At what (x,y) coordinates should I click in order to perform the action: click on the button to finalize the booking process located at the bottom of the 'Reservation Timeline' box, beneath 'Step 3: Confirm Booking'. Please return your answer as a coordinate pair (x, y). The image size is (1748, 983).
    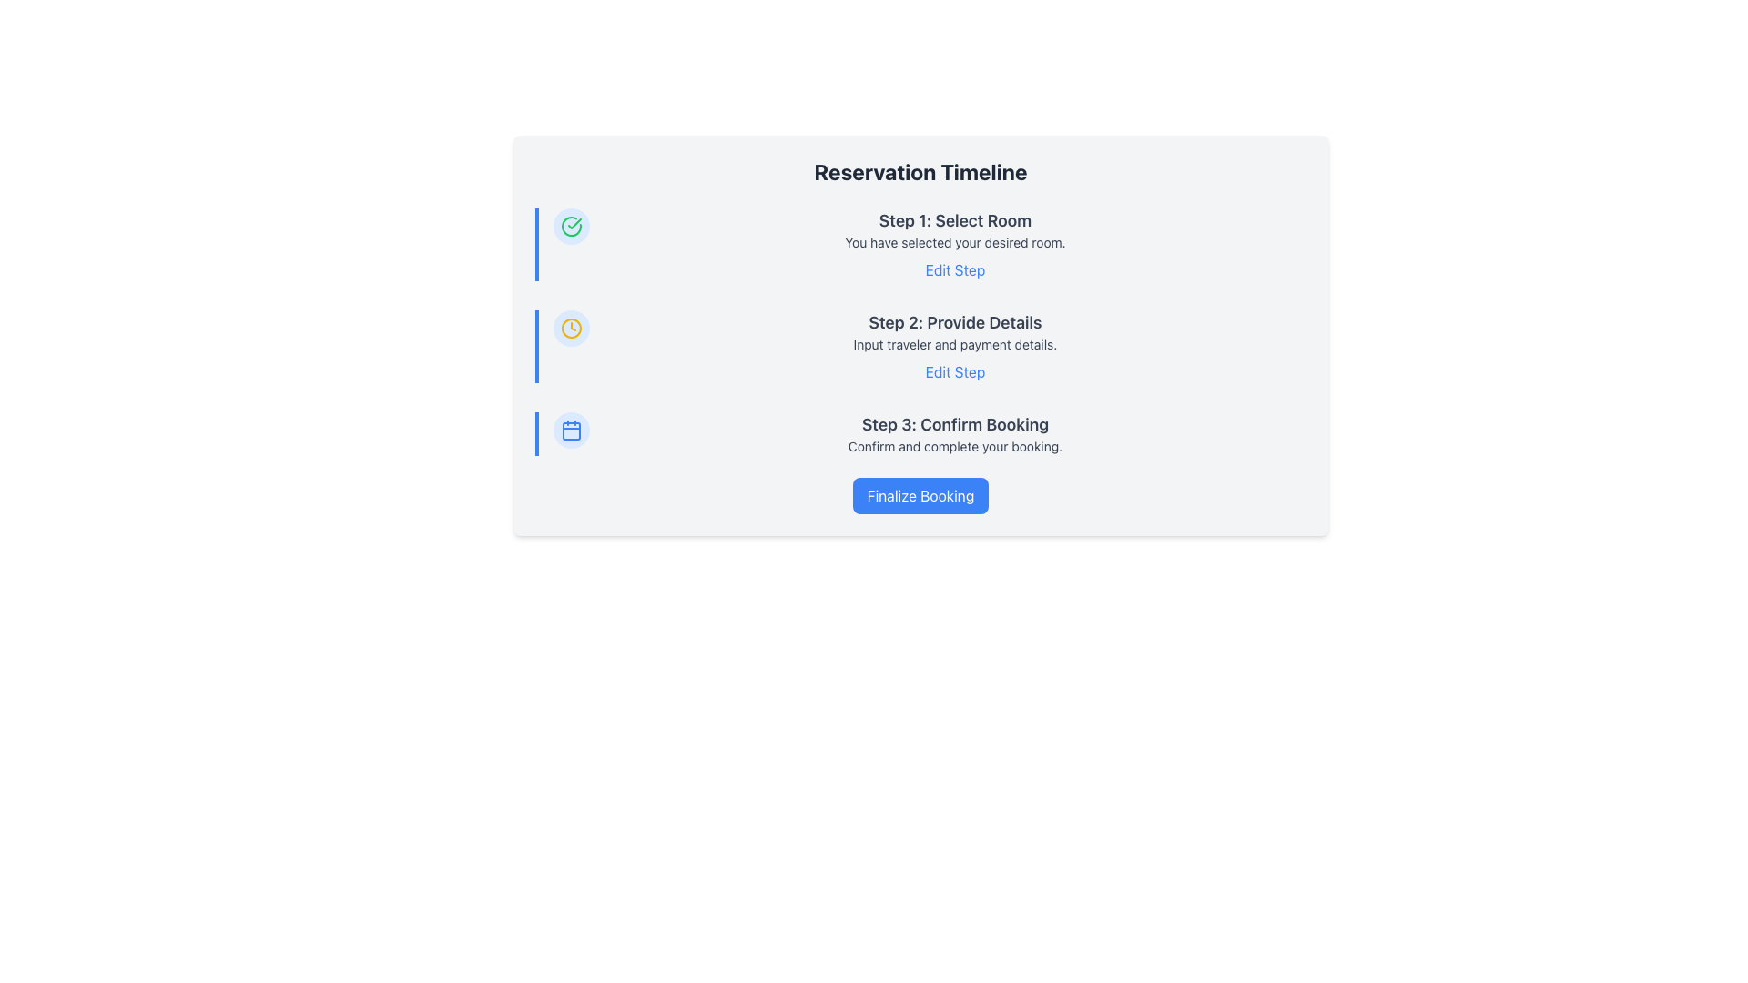
    Looking at the image, I should click on (920, 495).